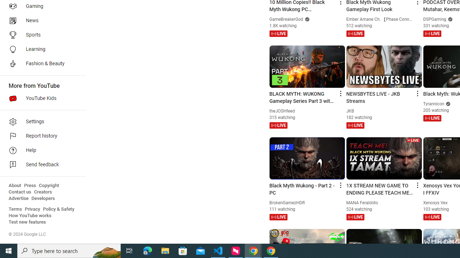 The height and width of the screenshot is (258, 460). I want to click on 'Tyrannicon', so click(433, 104).